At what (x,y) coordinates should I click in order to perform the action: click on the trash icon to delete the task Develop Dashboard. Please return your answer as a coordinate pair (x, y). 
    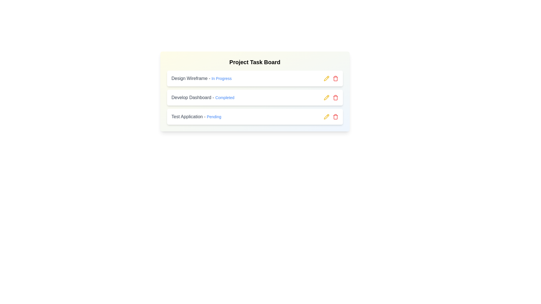
    Looking at the image, I should click on (335, 97).